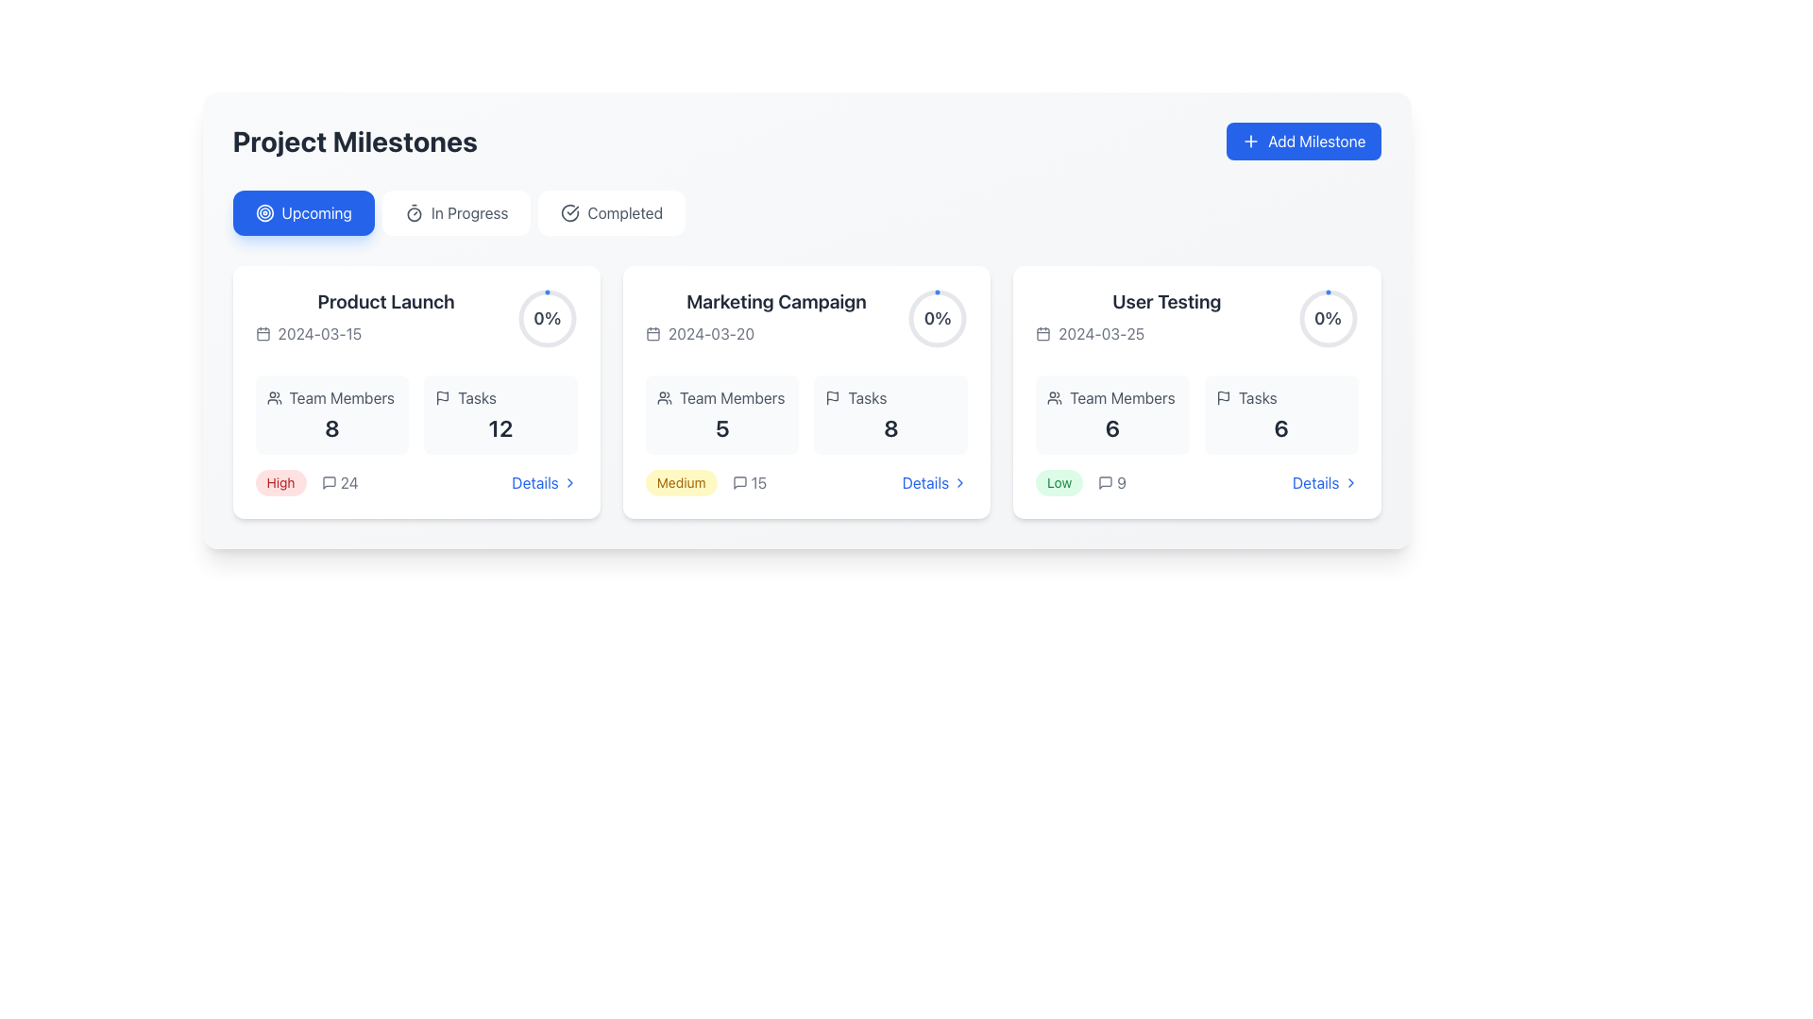 The image size is (1813, 1019). Describe the element at coordinates (1349, 482) in the screenshot. I see `the right-pointing chevron icon located to the right of the 'Details' label in the third milestone card (User Testing) within the 'Project Milestones' section to trigger potential hover effects` at that location.